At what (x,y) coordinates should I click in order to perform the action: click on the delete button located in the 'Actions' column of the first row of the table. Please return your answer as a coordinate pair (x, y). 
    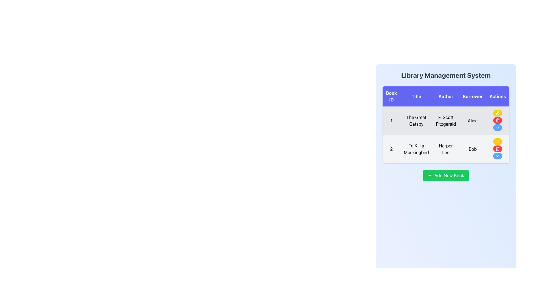
    Looking at the image, I should click on (498, 120).